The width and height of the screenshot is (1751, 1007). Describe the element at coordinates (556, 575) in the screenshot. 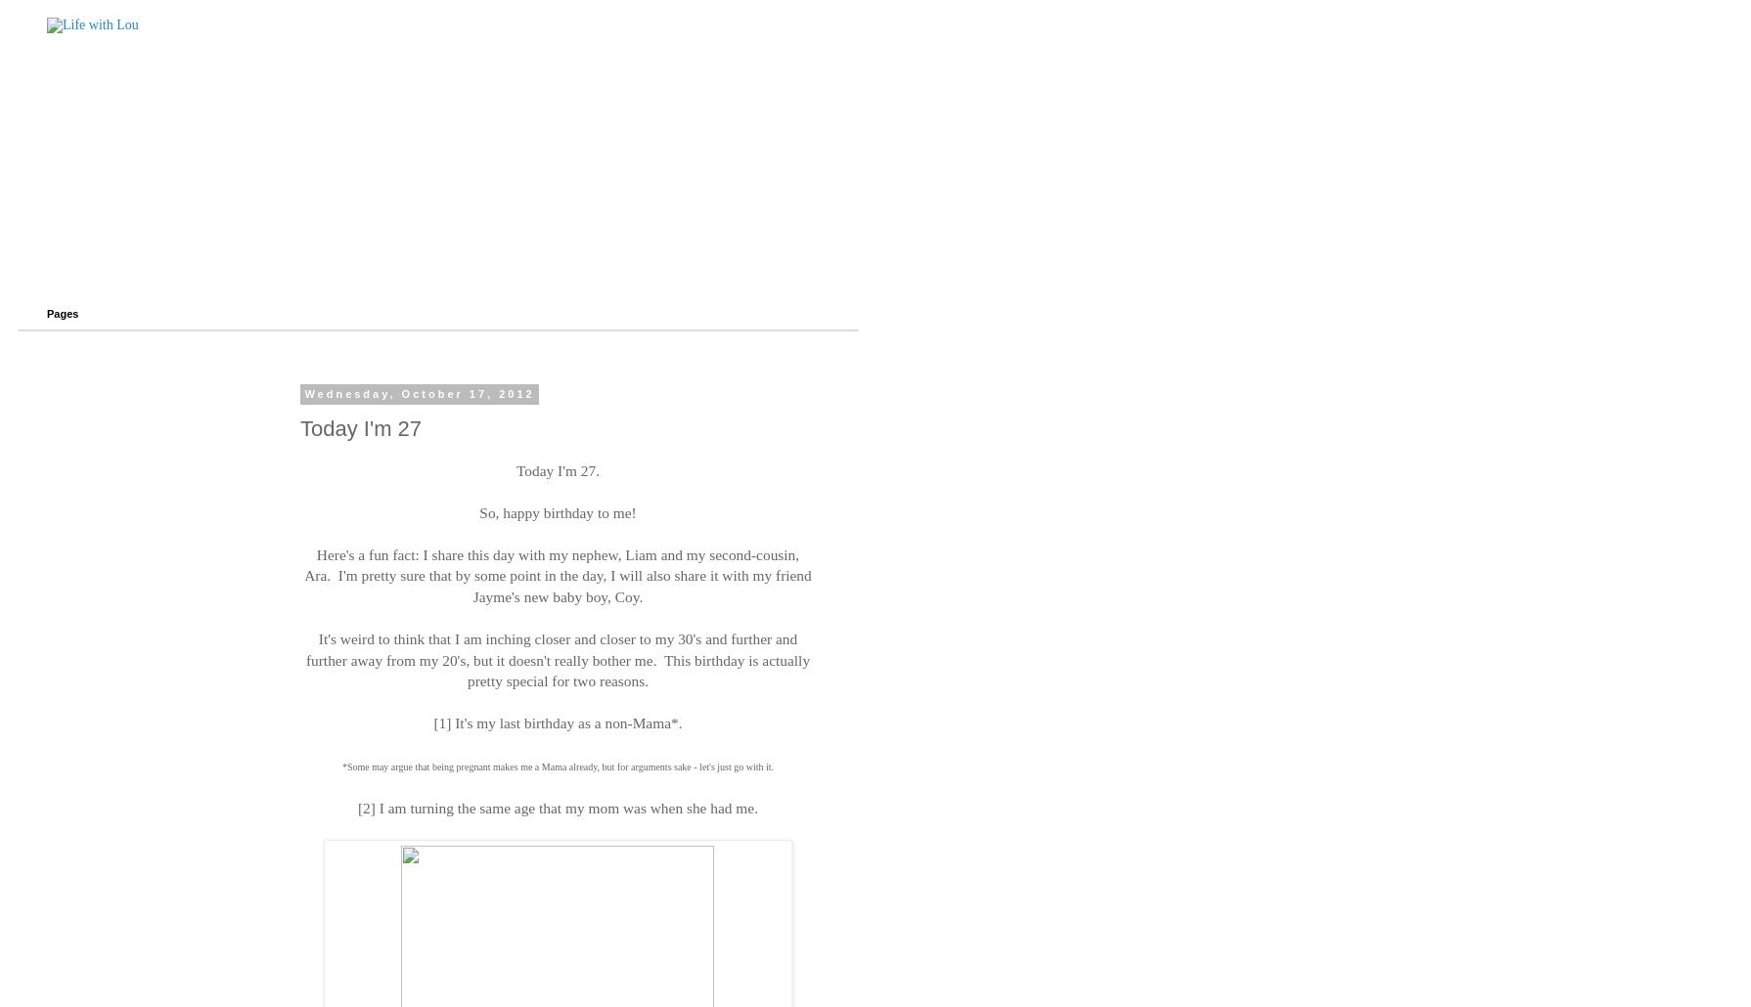

I see `'Here's a fun fact: I share this day with my nephew, Liam and my second-cousin, Ara.  I'm pretty sure that by some point in the day, I will also share it with my friend Jayme's new baby boy, Coy.'` at that location.